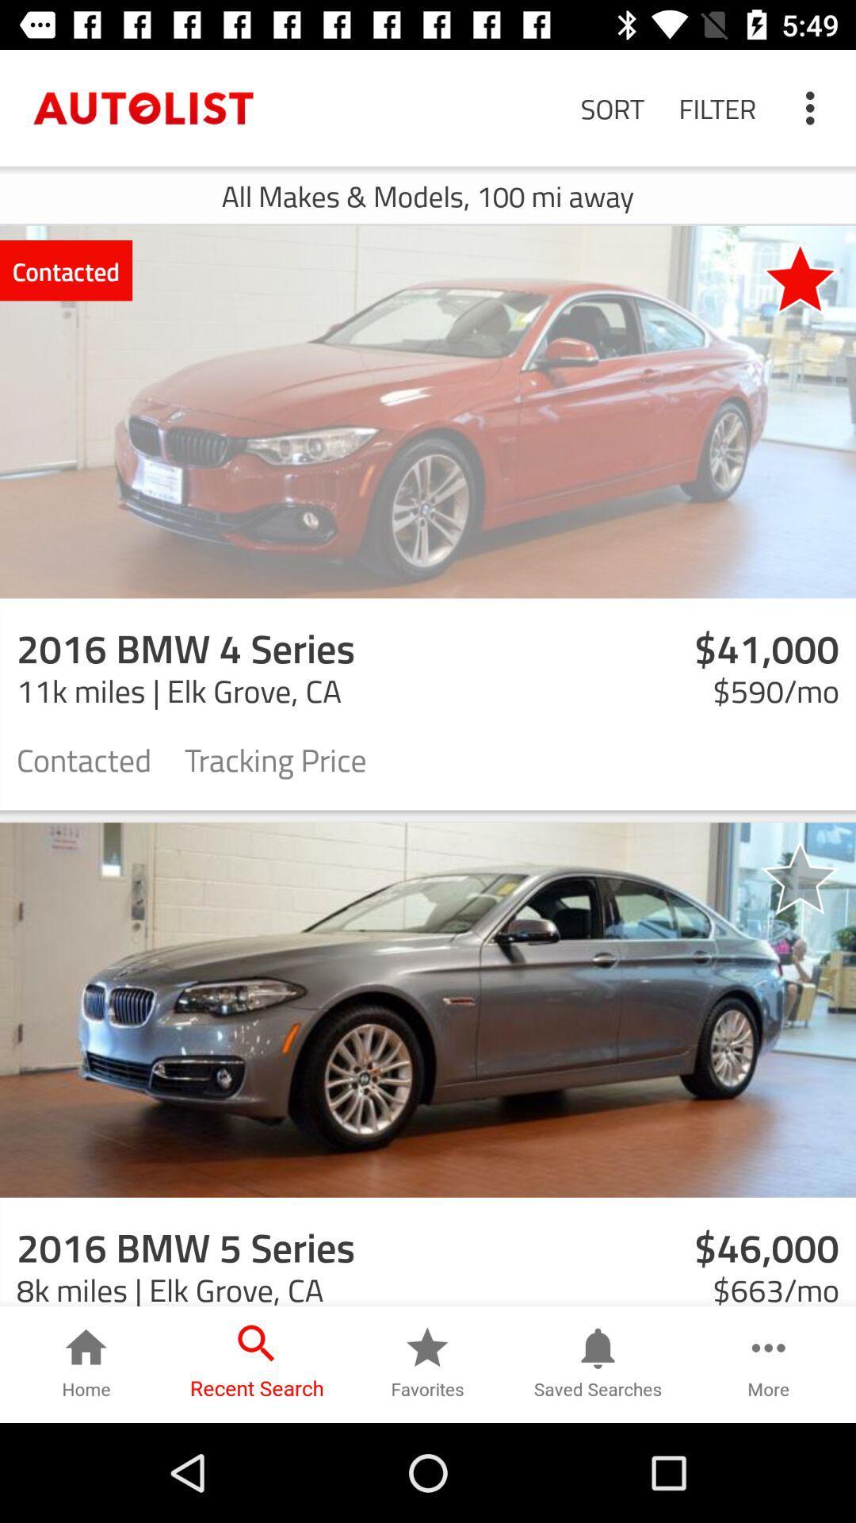 The width and height of the screenshot is (856, 1523). I want to click on item to the left of $590/mo item, so click(274, 758).